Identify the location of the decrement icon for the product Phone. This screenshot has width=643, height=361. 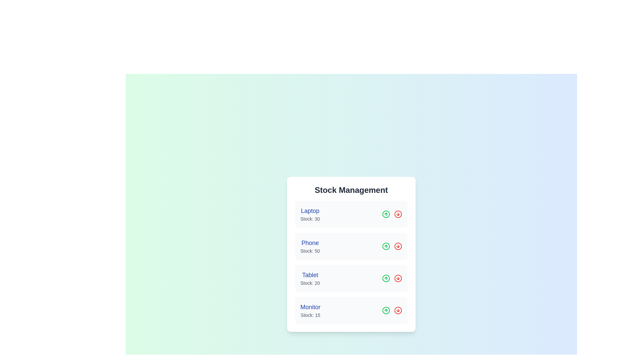
(398, 246).